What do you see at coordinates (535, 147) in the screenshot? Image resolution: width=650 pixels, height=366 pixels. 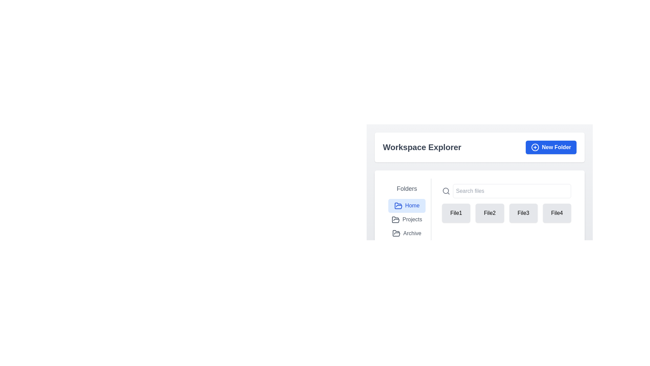 I see `the circular icon next to the 'New Folder' button to trigger the tooltip` at bounding box center [535, 147].